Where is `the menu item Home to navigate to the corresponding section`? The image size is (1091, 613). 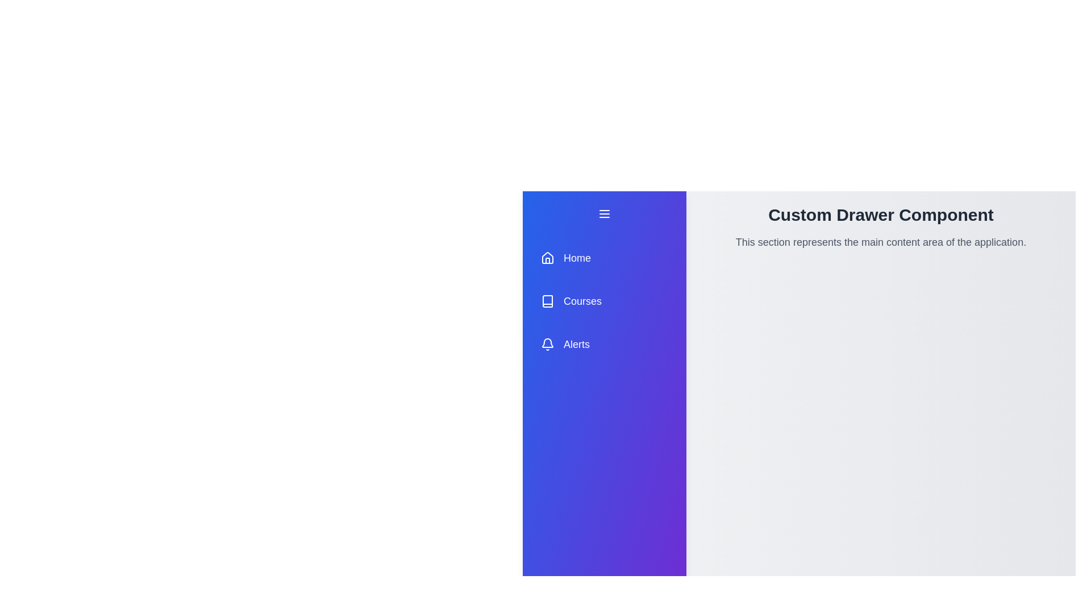
the menu item Home to navigate to the corresponding section is located at coordinates (604, 258).